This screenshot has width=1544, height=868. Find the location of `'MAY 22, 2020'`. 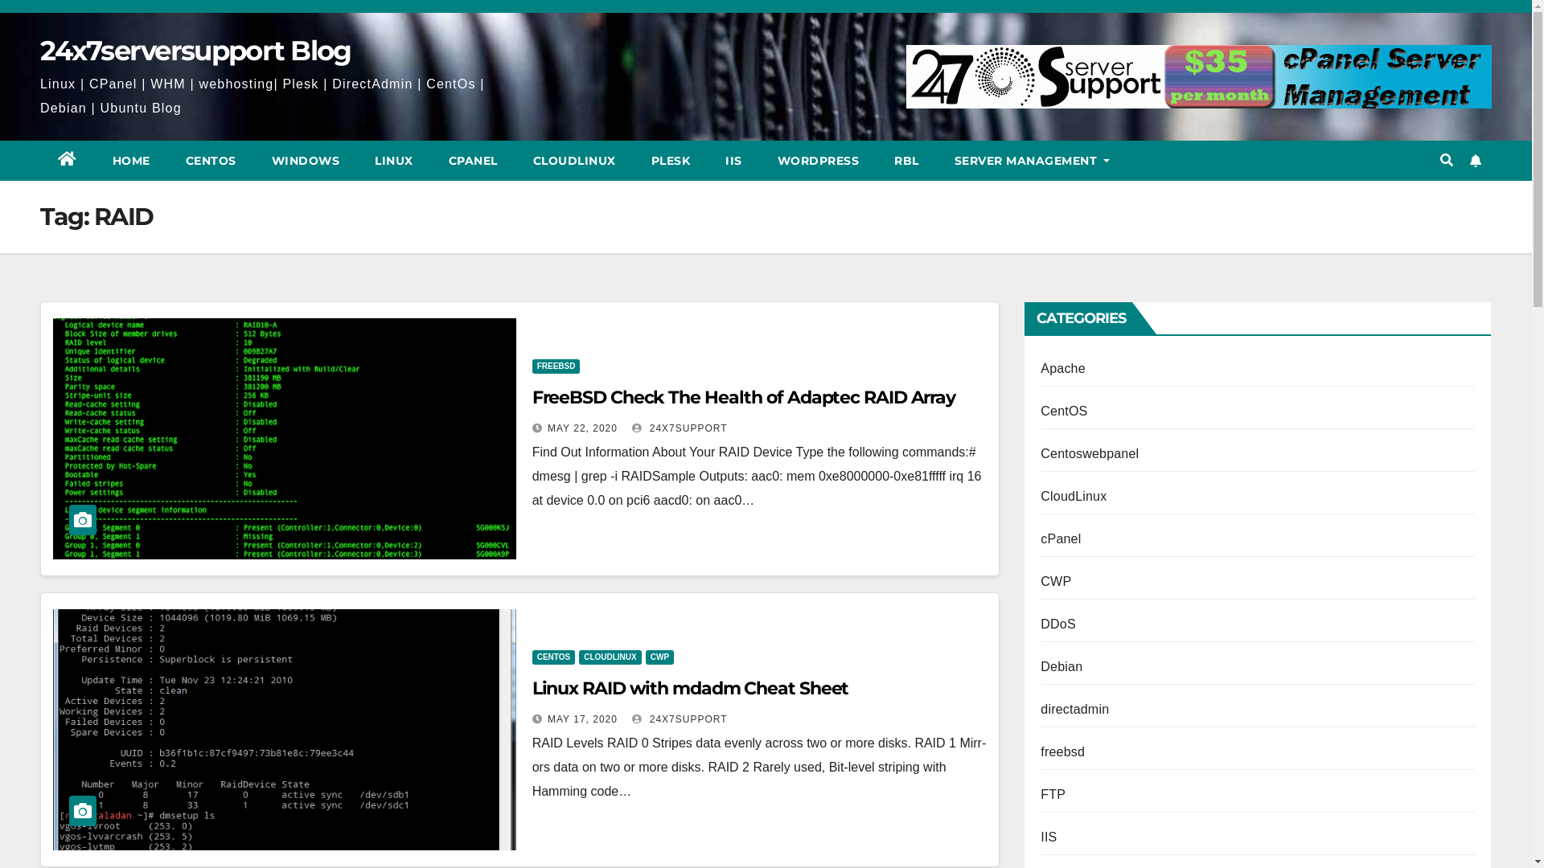

'MAY 22, 2020' is located at coordinates (581, 427).